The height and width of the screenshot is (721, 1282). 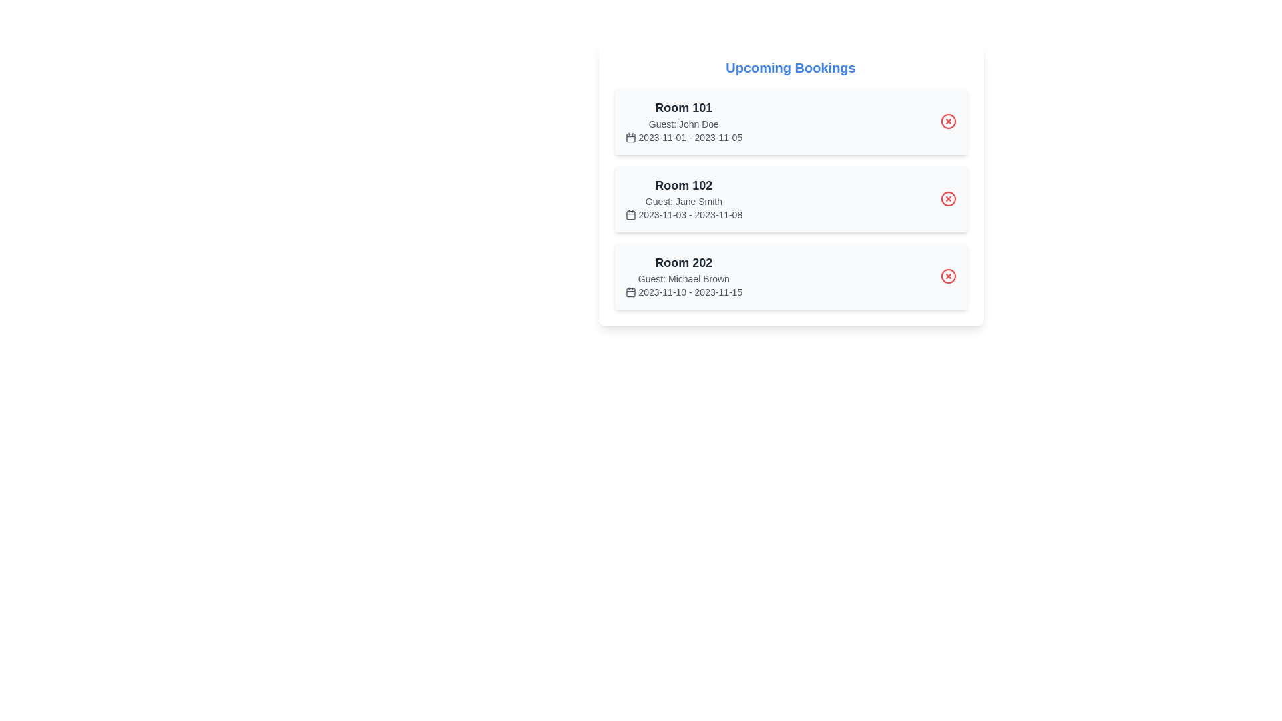 What do you see at coordinates (791, 198) in the screenshot?
I see `the booking summary card for Room 102, which is the second card in the vertical list of upcoming bookings` at bounding box center [791, 198].